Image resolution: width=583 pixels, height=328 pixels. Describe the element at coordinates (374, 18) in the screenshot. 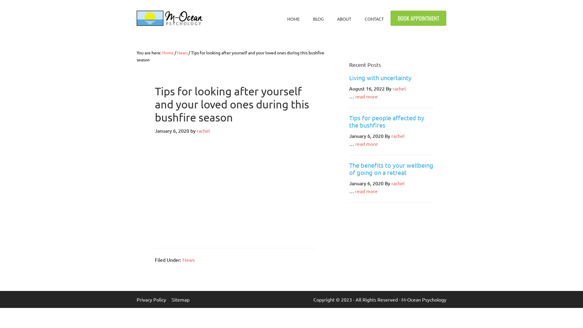

I see `'CONTACT'` at that location.